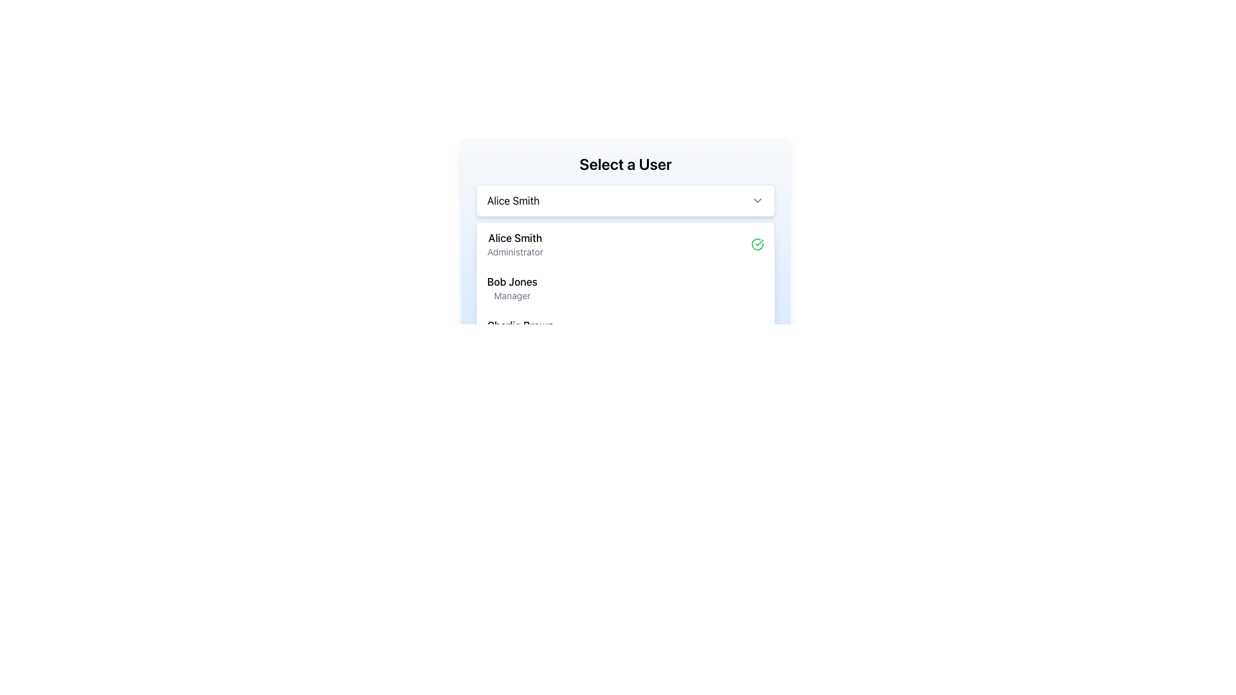 Image resolution: width=1236 pixels, height=695 pixels. Describe the element at coordinates (512, 295) in the screenshot. I see `the text label displaying 'Manager', which is styled in gray and located below 'Bob Jones' in the user selection dropdown menu` at that location.